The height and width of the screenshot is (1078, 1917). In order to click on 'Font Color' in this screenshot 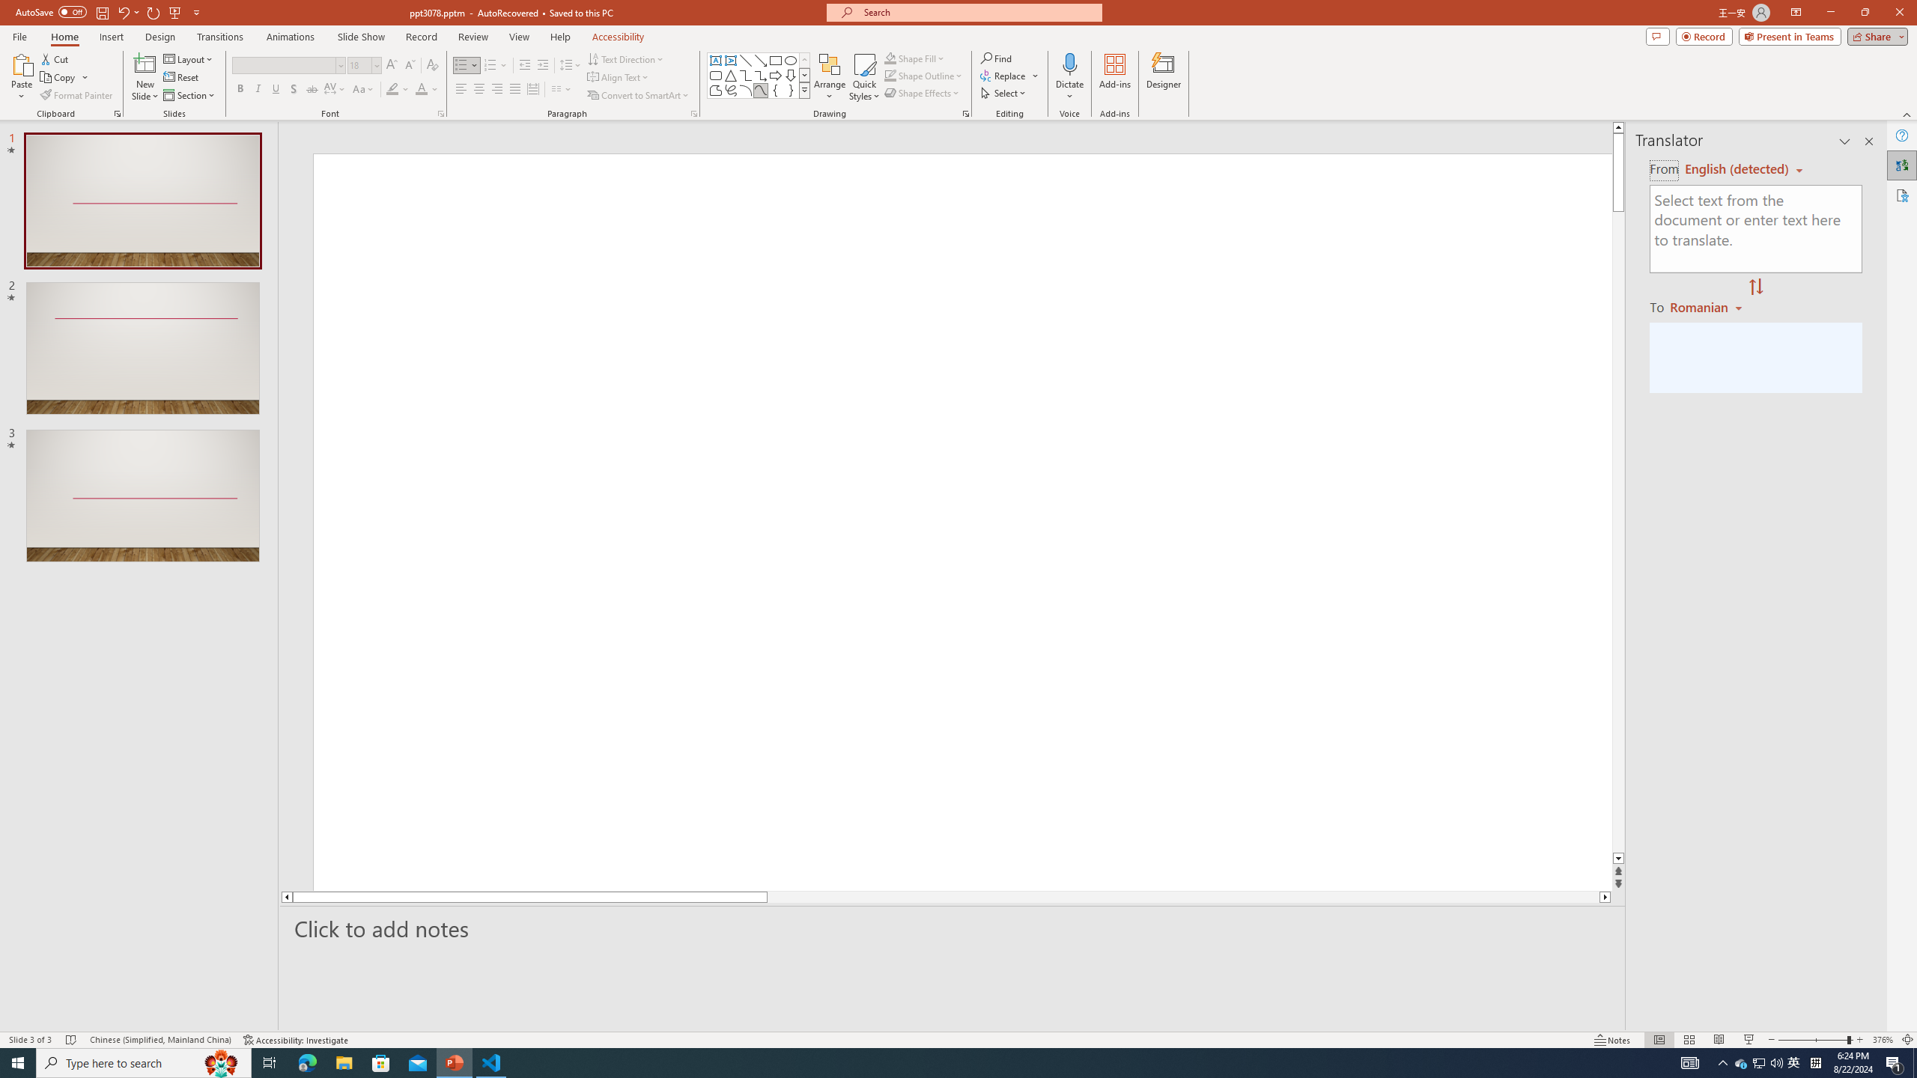, I will do `click(427, 88)`.